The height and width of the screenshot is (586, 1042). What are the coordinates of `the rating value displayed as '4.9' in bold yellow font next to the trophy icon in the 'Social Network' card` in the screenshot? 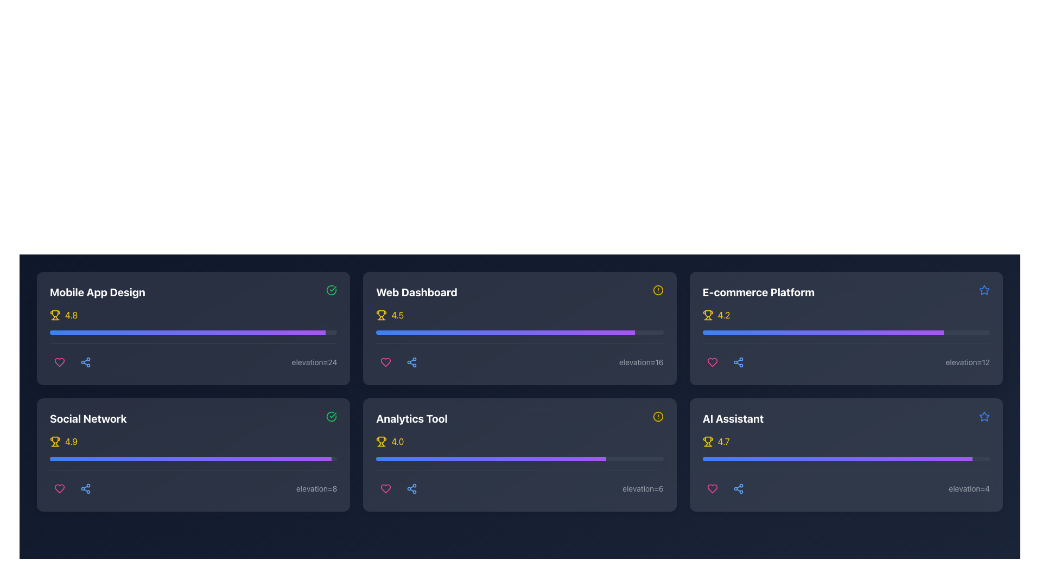 It's located at (71, 441).